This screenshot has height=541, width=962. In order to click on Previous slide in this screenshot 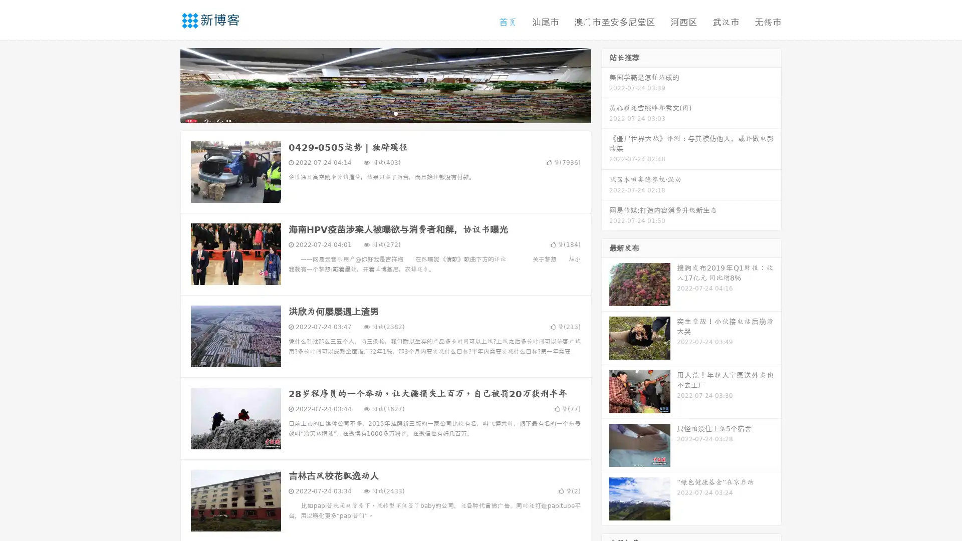, I will do `click(165, 84)`.